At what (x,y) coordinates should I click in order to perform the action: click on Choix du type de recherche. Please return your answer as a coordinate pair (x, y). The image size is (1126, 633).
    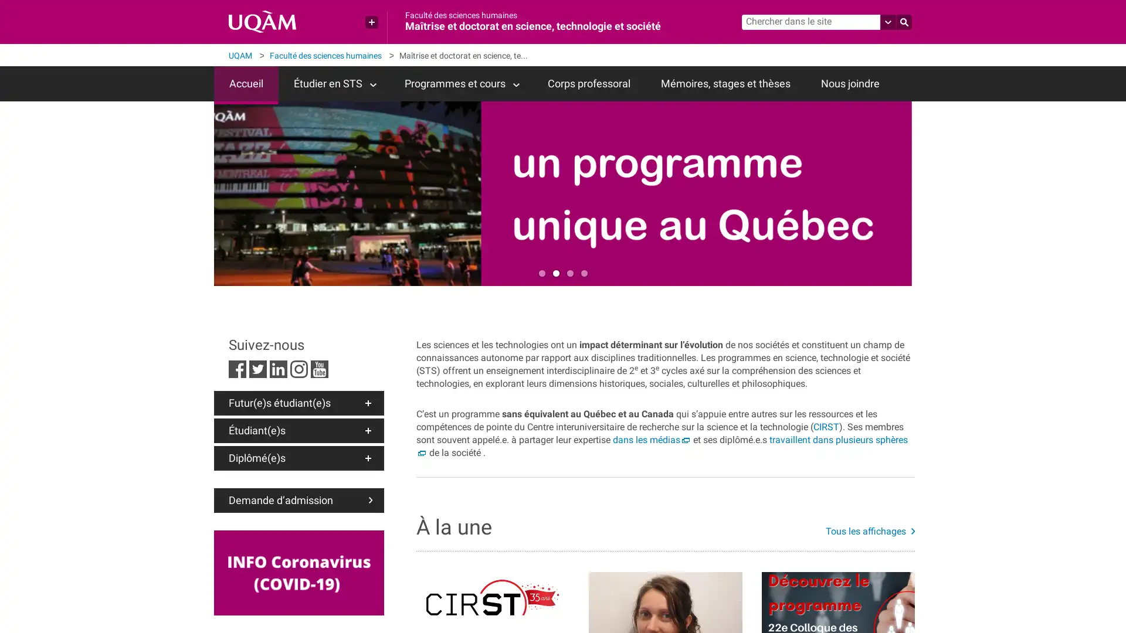
    Looking at the image, I should click on (888, 22).